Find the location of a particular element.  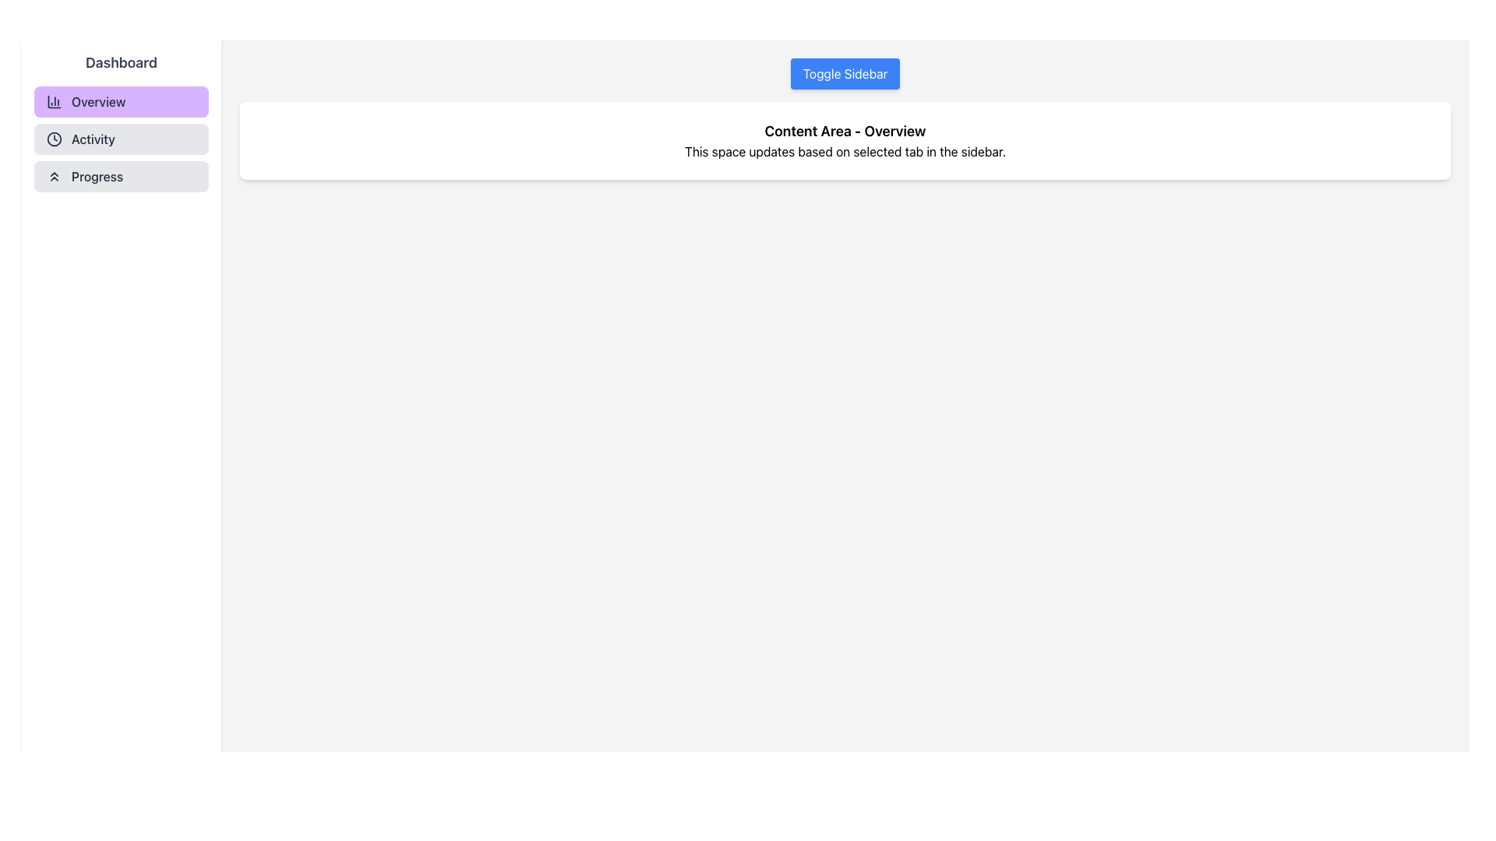

the 'Overview' navigation button located in the left sidebar to potentially reveal a tooltip with additional information is located at coordinates (121, 102).